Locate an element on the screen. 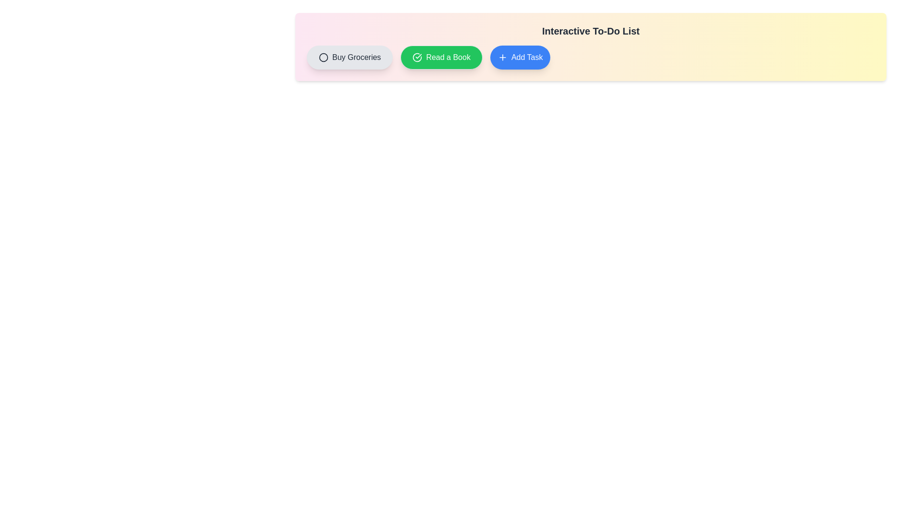 The height and width of the screenshot is (518, 922). the 'Add Task' button to add a new task is located at coordinates (520, 57).